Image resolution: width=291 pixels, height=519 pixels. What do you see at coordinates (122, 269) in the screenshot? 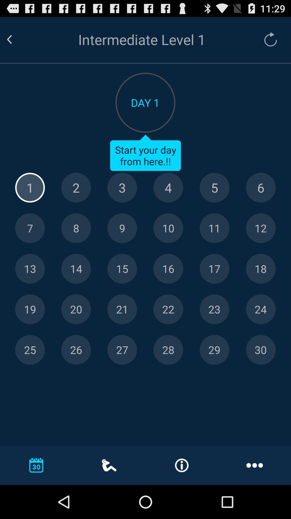
I see `day 15` at bounding box center [122, 269].